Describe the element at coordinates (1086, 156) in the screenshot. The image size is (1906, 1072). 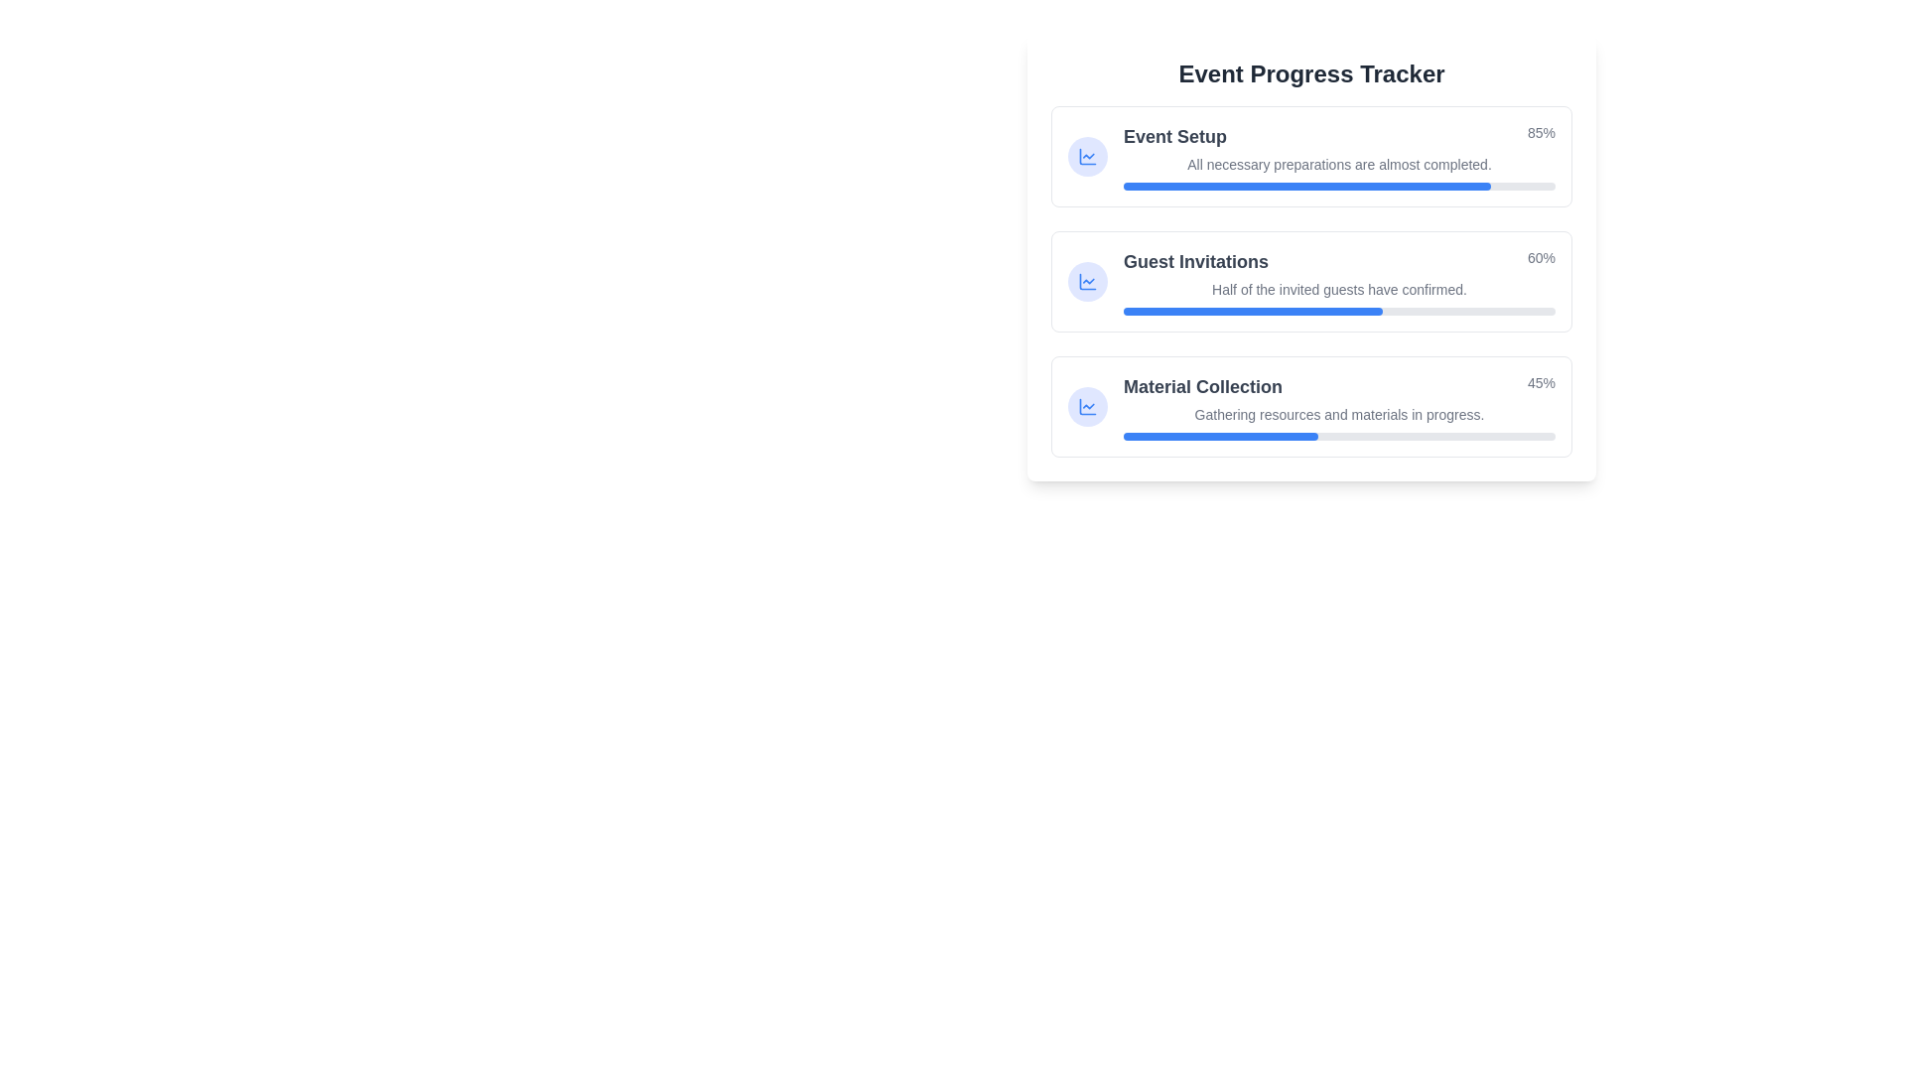
I see `the outlined line chart icon with a blue stroke located to the left of the text 'Material Collection'` at that location.